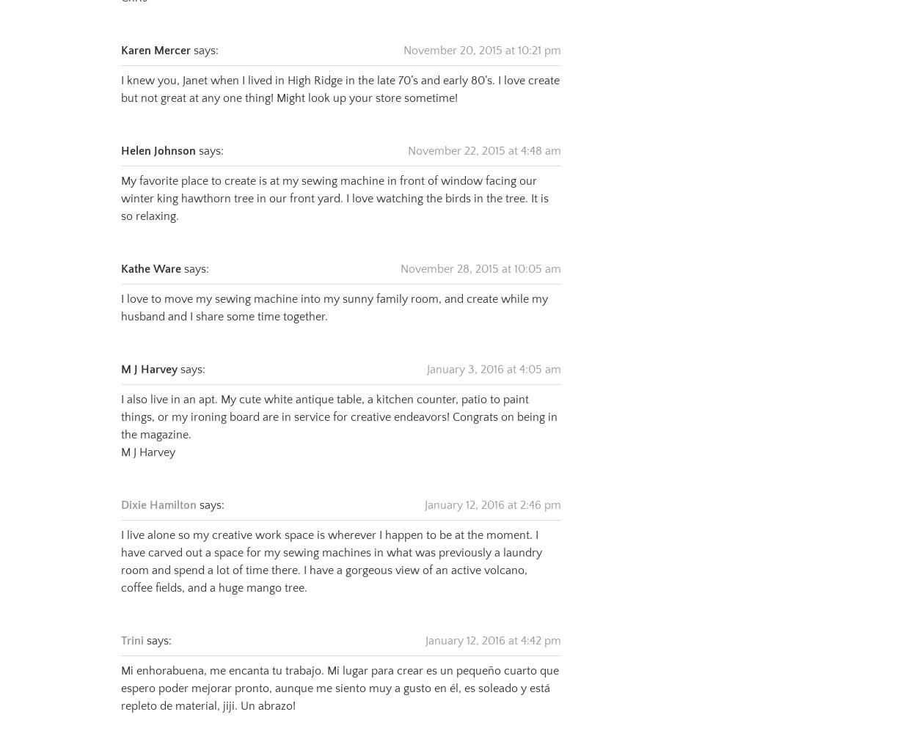  Describe the element at coordinates (484, 131) in the screenshot. I see `'November 22, 2015 at 4:48 am'` at that location.